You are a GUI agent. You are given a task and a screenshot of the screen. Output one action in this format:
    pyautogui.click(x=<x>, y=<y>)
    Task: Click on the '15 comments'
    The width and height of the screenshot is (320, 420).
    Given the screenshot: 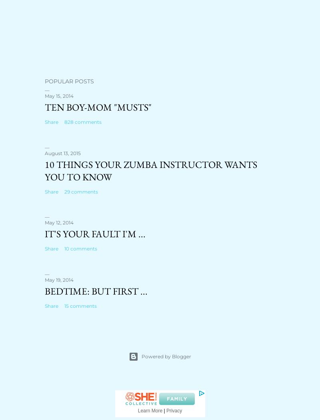 What is the action you would take?
    pyautogui.click(x=80, y=306)
    